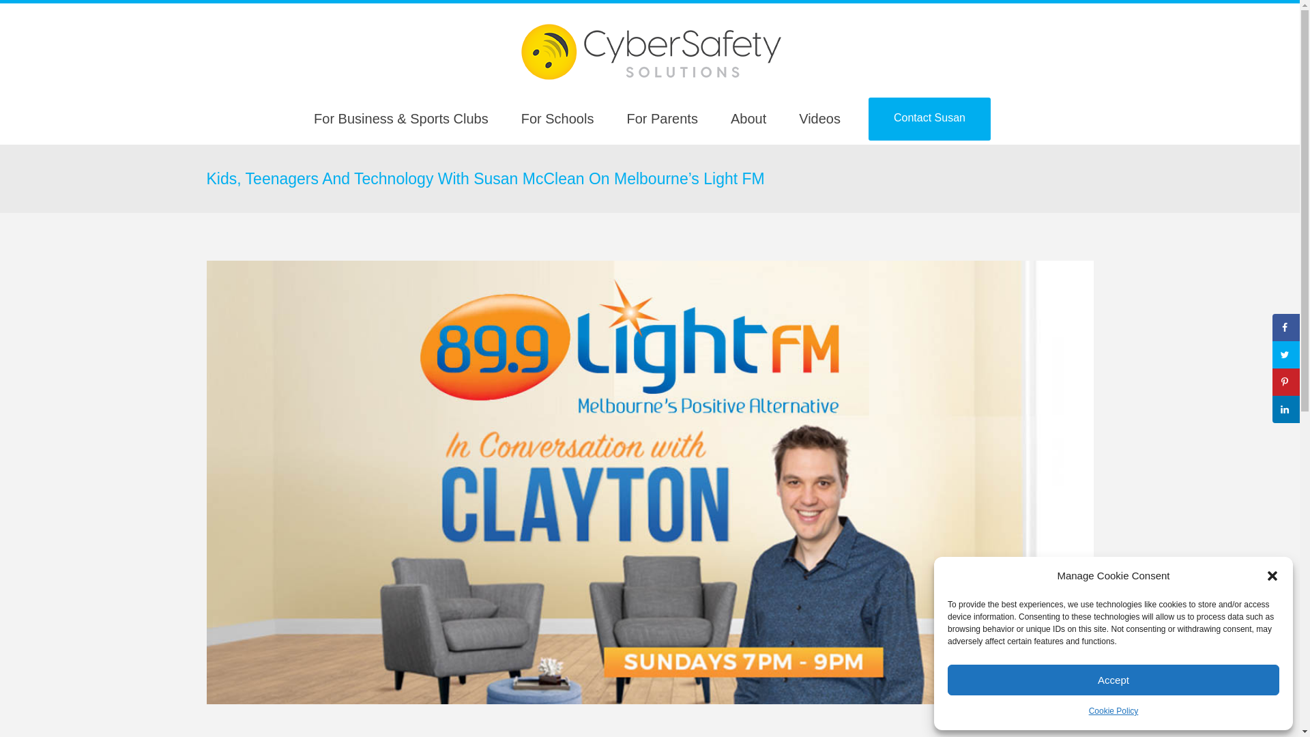  I want to click on 'For Schools', so click(557, 118).